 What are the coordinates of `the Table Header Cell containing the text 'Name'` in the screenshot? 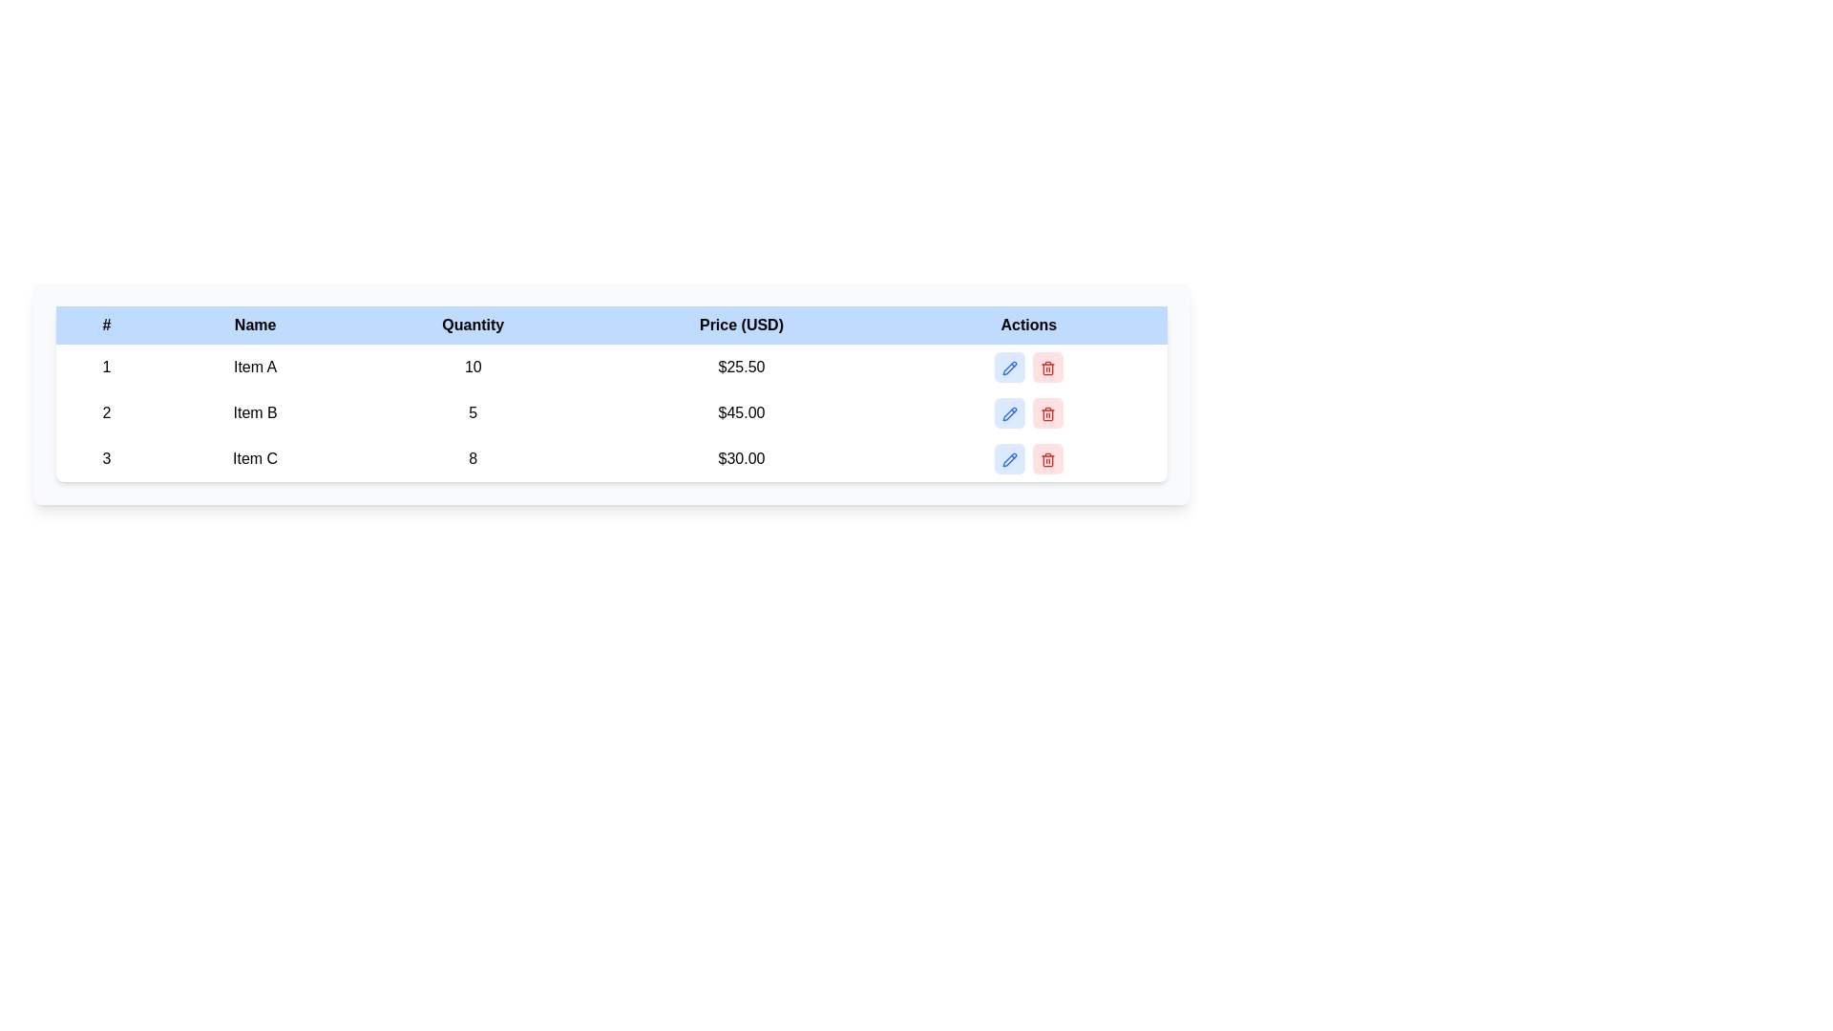 It's located at (254, 324).